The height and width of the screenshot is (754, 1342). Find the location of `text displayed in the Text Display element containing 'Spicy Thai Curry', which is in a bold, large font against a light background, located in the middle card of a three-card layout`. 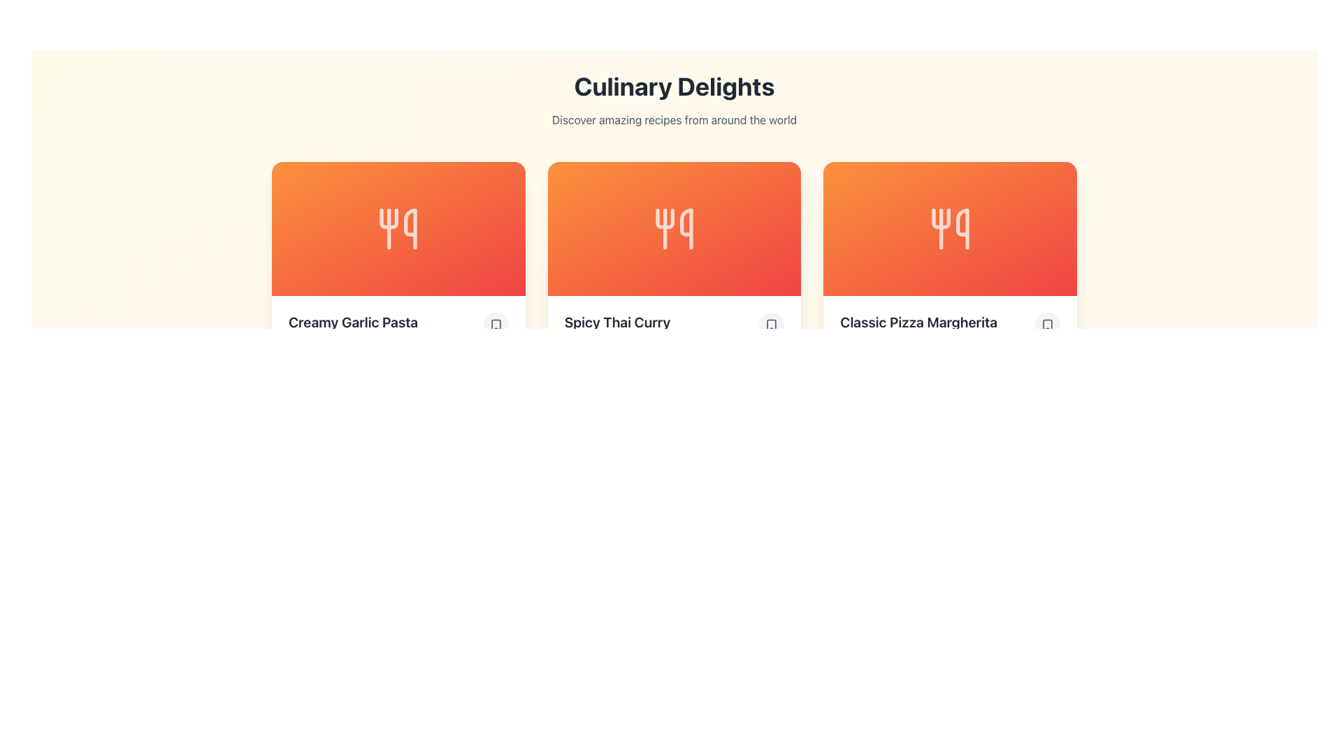

text displayed in the Text Display element containing 'Spicy Thai Curry', which is in a bold, large font against a light background, located in the middle card of a three-card layout is located at coordinates (616, 323).